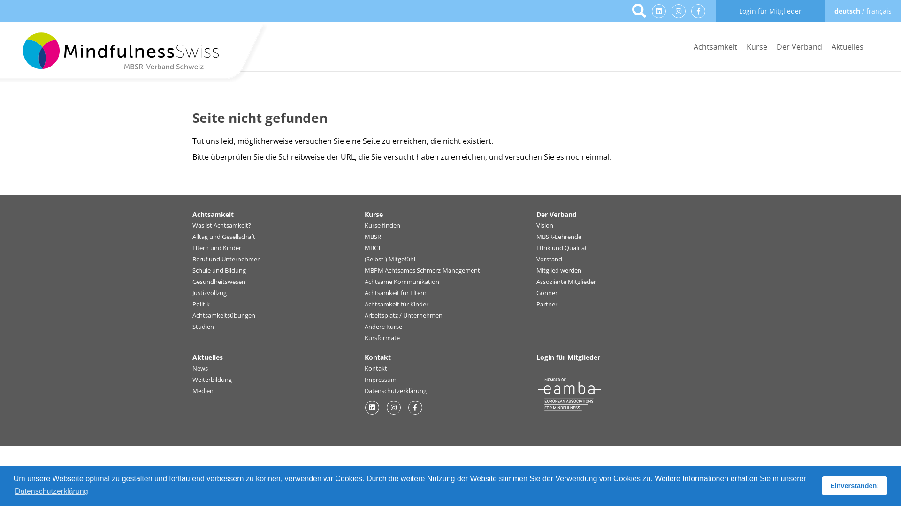 The width and height of the screenshot is (901, 506). I want to click on 'Los', so click(639, 11).